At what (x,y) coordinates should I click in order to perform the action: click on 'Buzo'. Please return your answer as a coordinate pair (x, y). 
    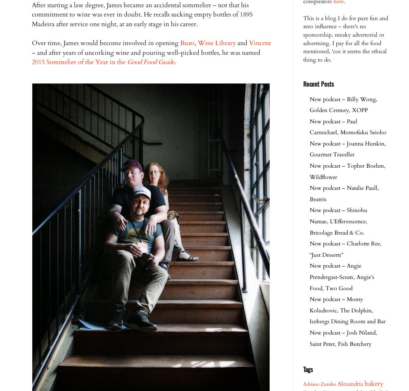
    Looking at the image, I should click on (187, 43).